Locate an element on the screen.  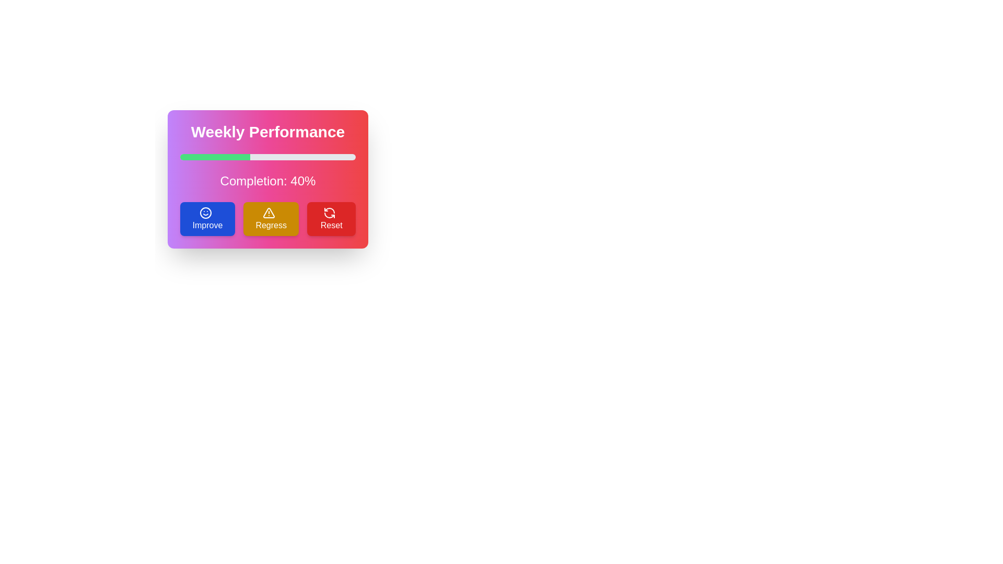
the 'Reset' button, which is a red rectangular button with a white circular arrow icon and the text 'Reset'. It is located at the far right of a three-button group at the bottom of the card is located at coordinates (331, 218).